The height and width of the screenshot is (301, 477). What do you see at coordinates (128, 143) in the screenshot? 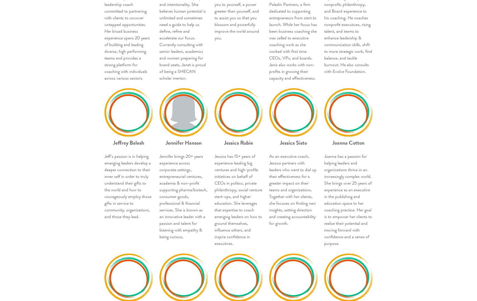
I see `'Jeffrey Balesh'` at bounding box center [128, 143].